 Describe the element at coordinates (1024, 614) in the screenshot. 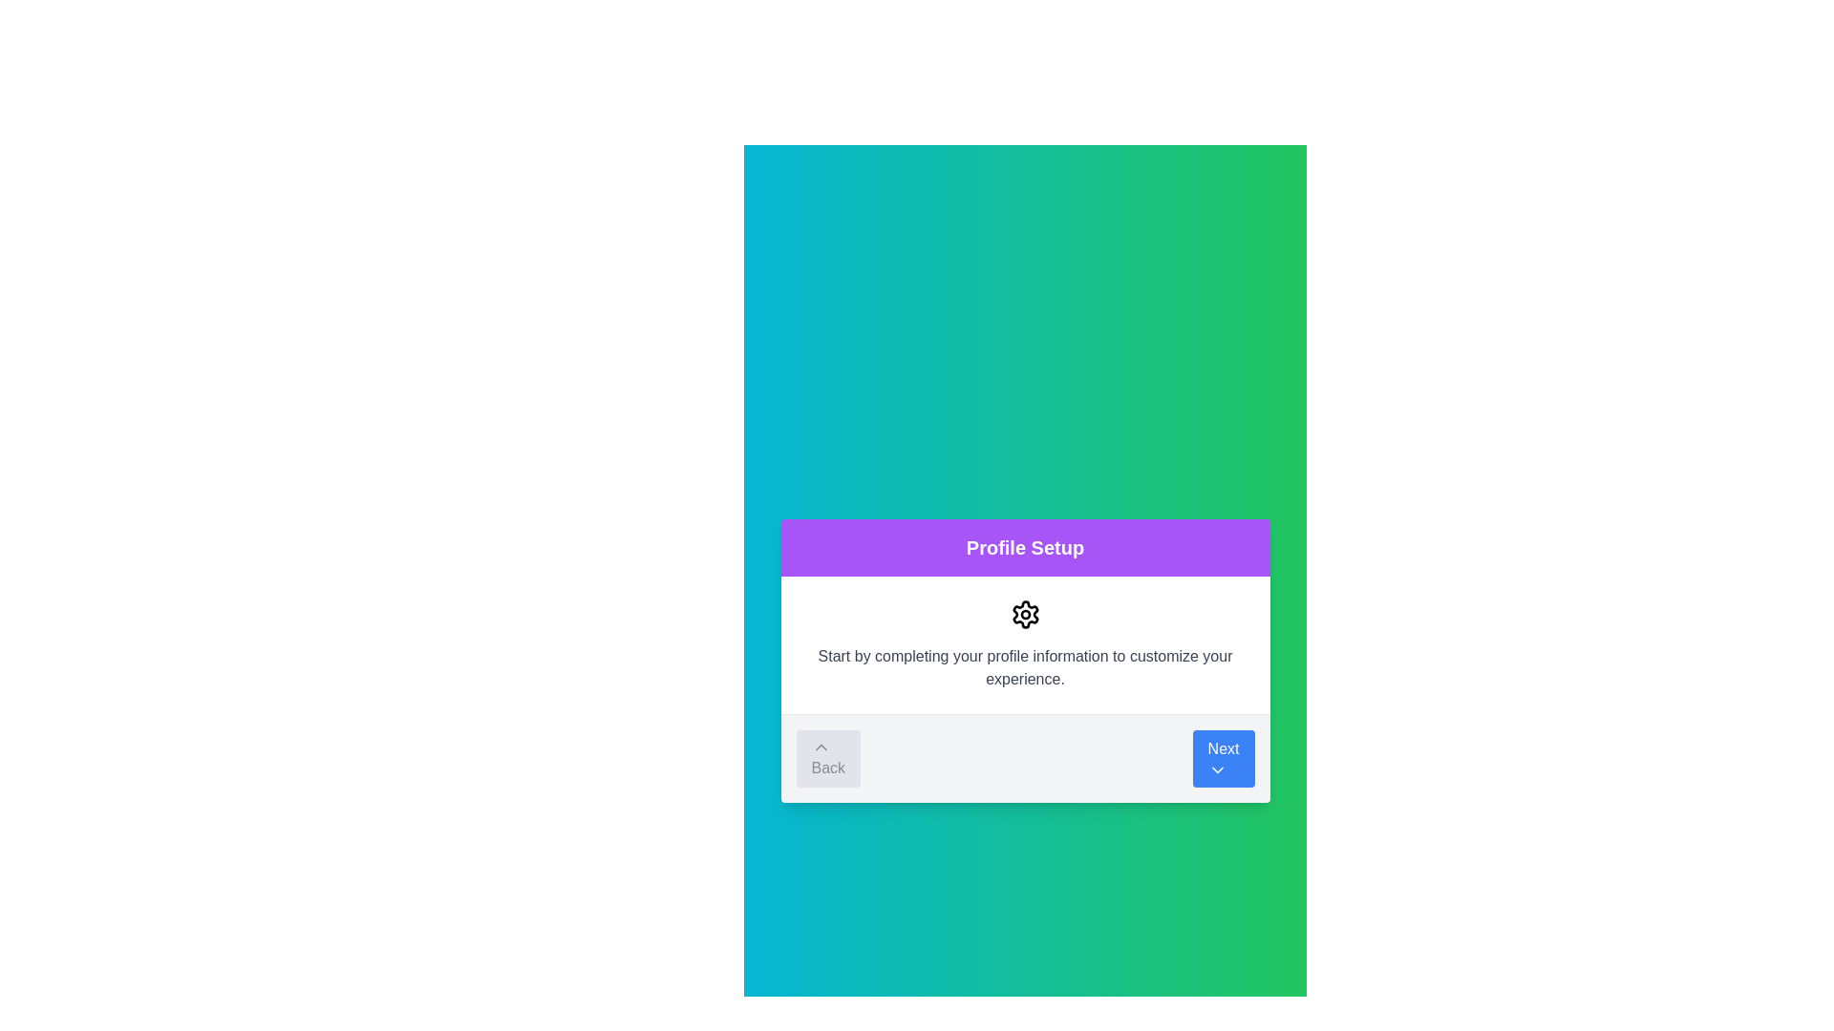

I see `the gear icon located centrally in the dialog box's content area, beneath the title 'Profile Setup'` at that location.